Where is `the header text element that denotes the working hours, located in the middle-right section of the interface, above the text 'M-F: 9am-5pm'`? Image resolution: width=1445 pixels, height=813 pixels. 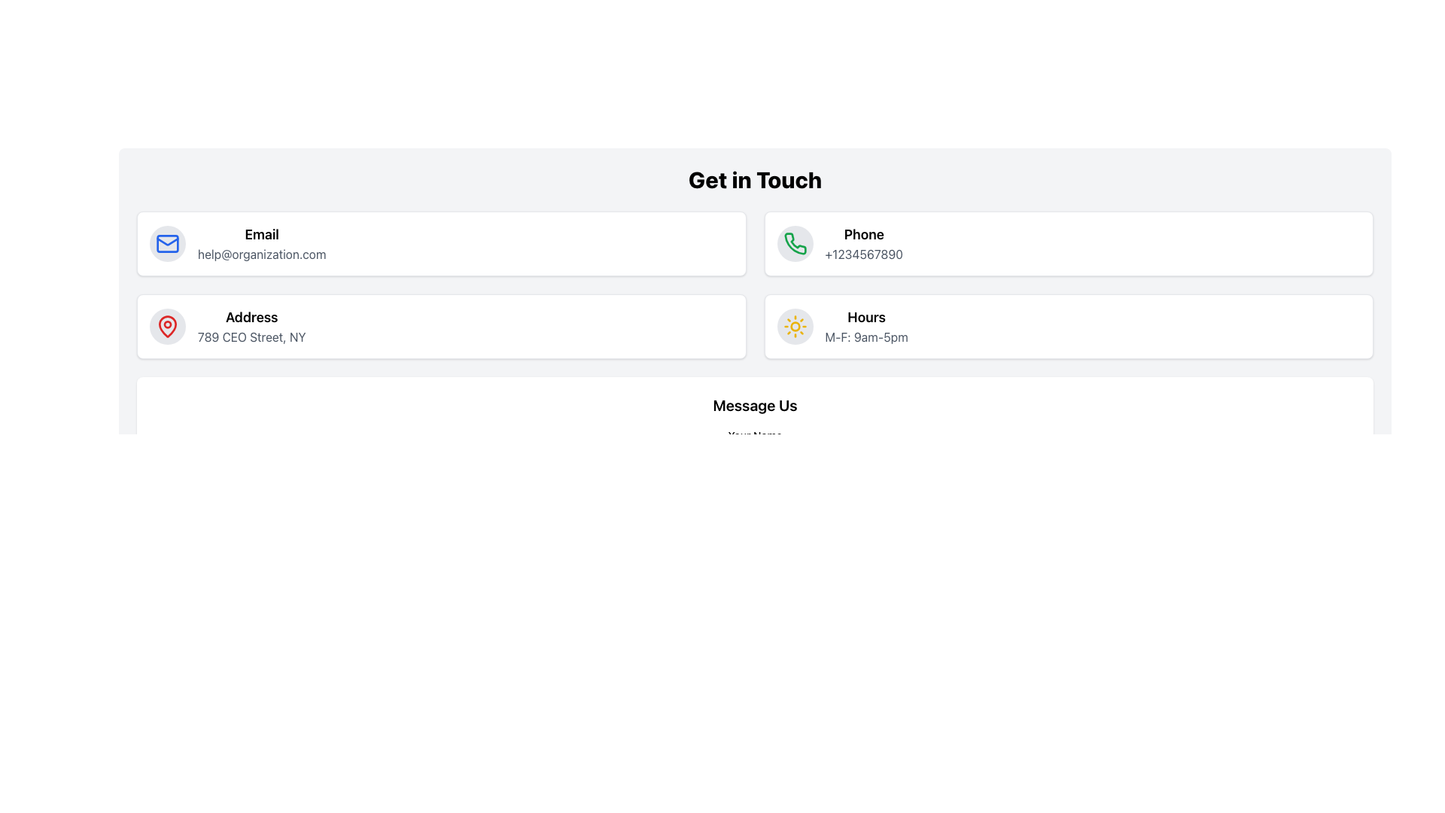
the header text element that denotes the working hours, located in the middle-right section of the interface, above the text 'M-F: 9am-5pm' is located at coordinates (866, 316).